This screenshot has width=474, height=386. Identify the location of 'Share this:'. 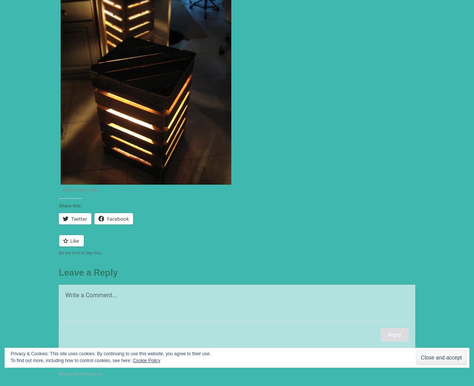
(59, 205).